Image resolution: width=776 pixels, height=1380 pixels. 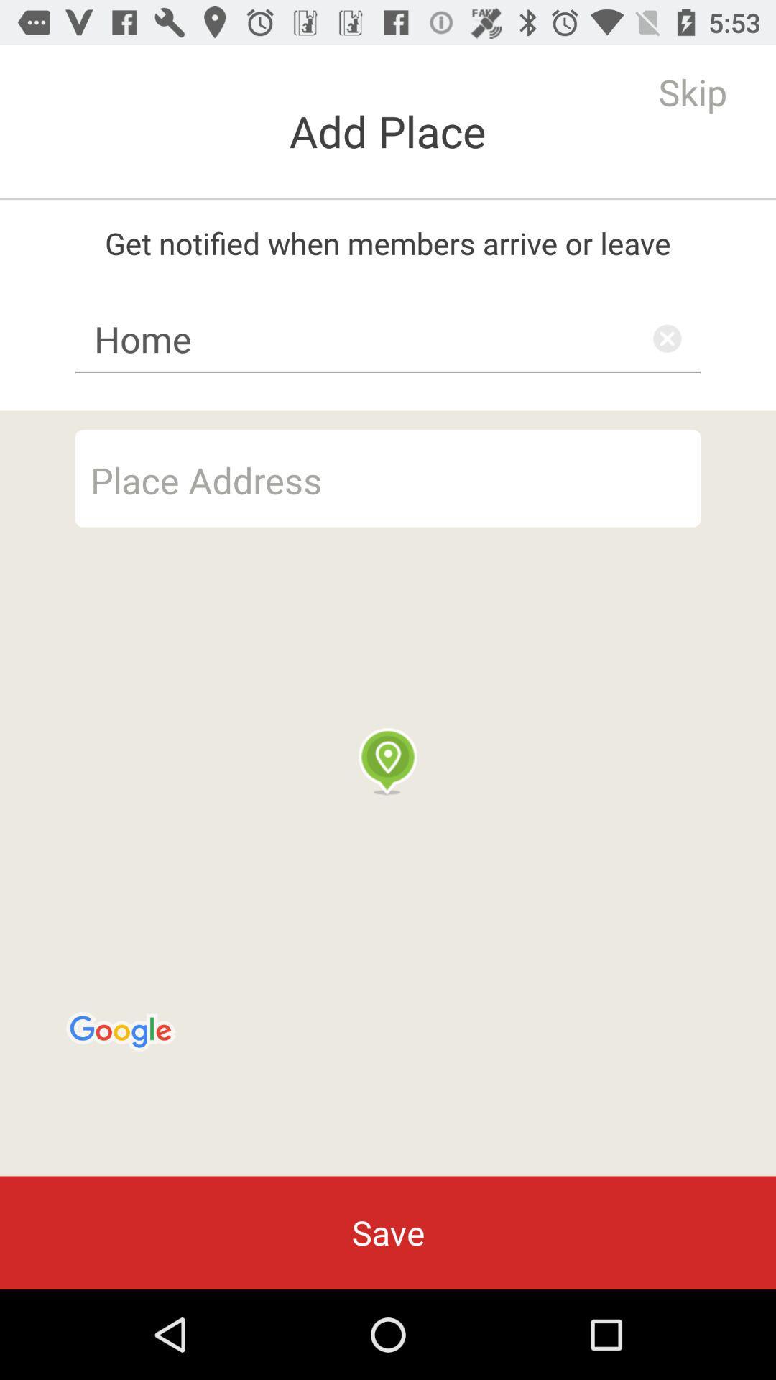 What do you see at coordinates (388, 793) in the screenshot?
I see `icon below the home item` at bounding box center [388, 793].